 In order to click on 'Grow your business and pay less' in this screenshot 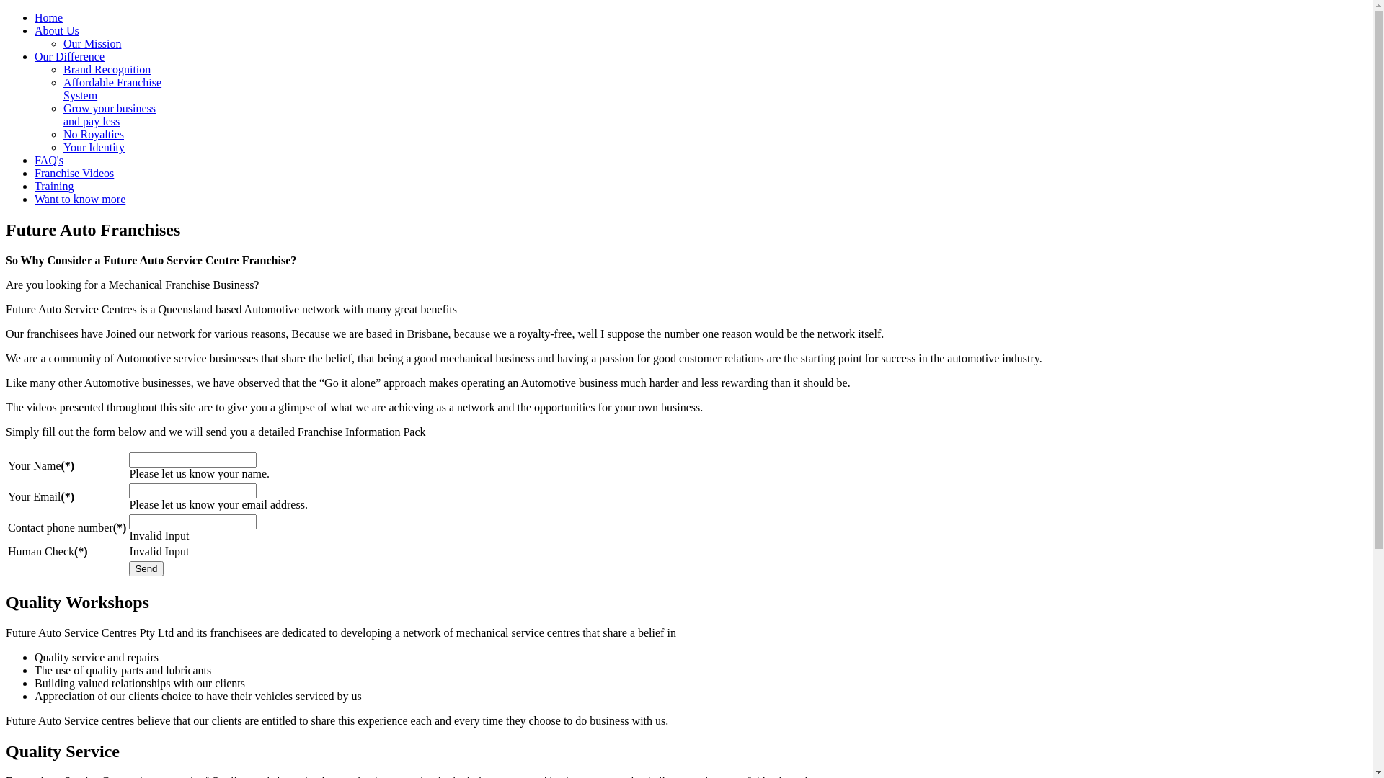, I will do `click(109, 114)`.